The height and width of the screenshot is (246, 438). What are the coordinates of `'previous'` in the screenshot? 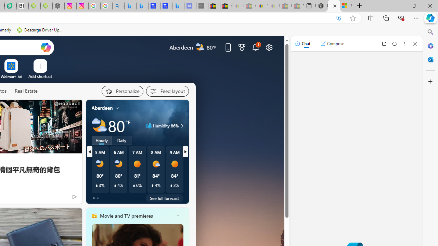 It's located at (89, 151).